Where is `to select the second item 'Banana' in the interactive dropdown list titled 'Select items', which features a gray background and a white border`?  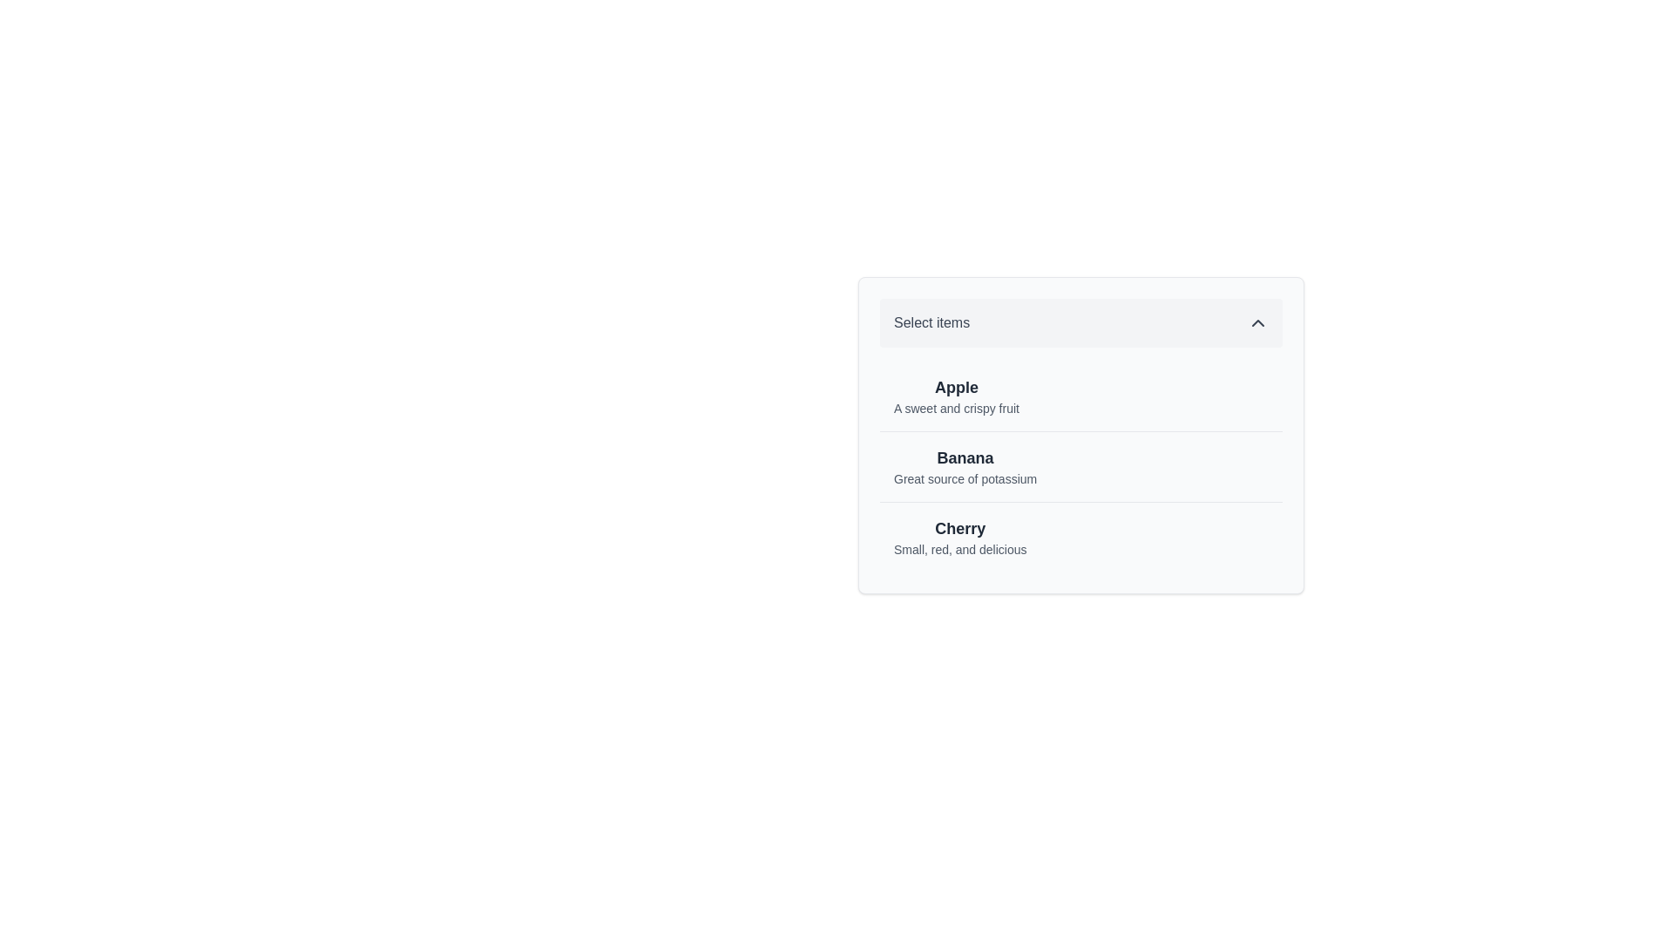
to select the second item 'Banana' in the interactive dropdown list titled 'Select items', which features a gray background and a white border is located at coordinates (1080, 435).